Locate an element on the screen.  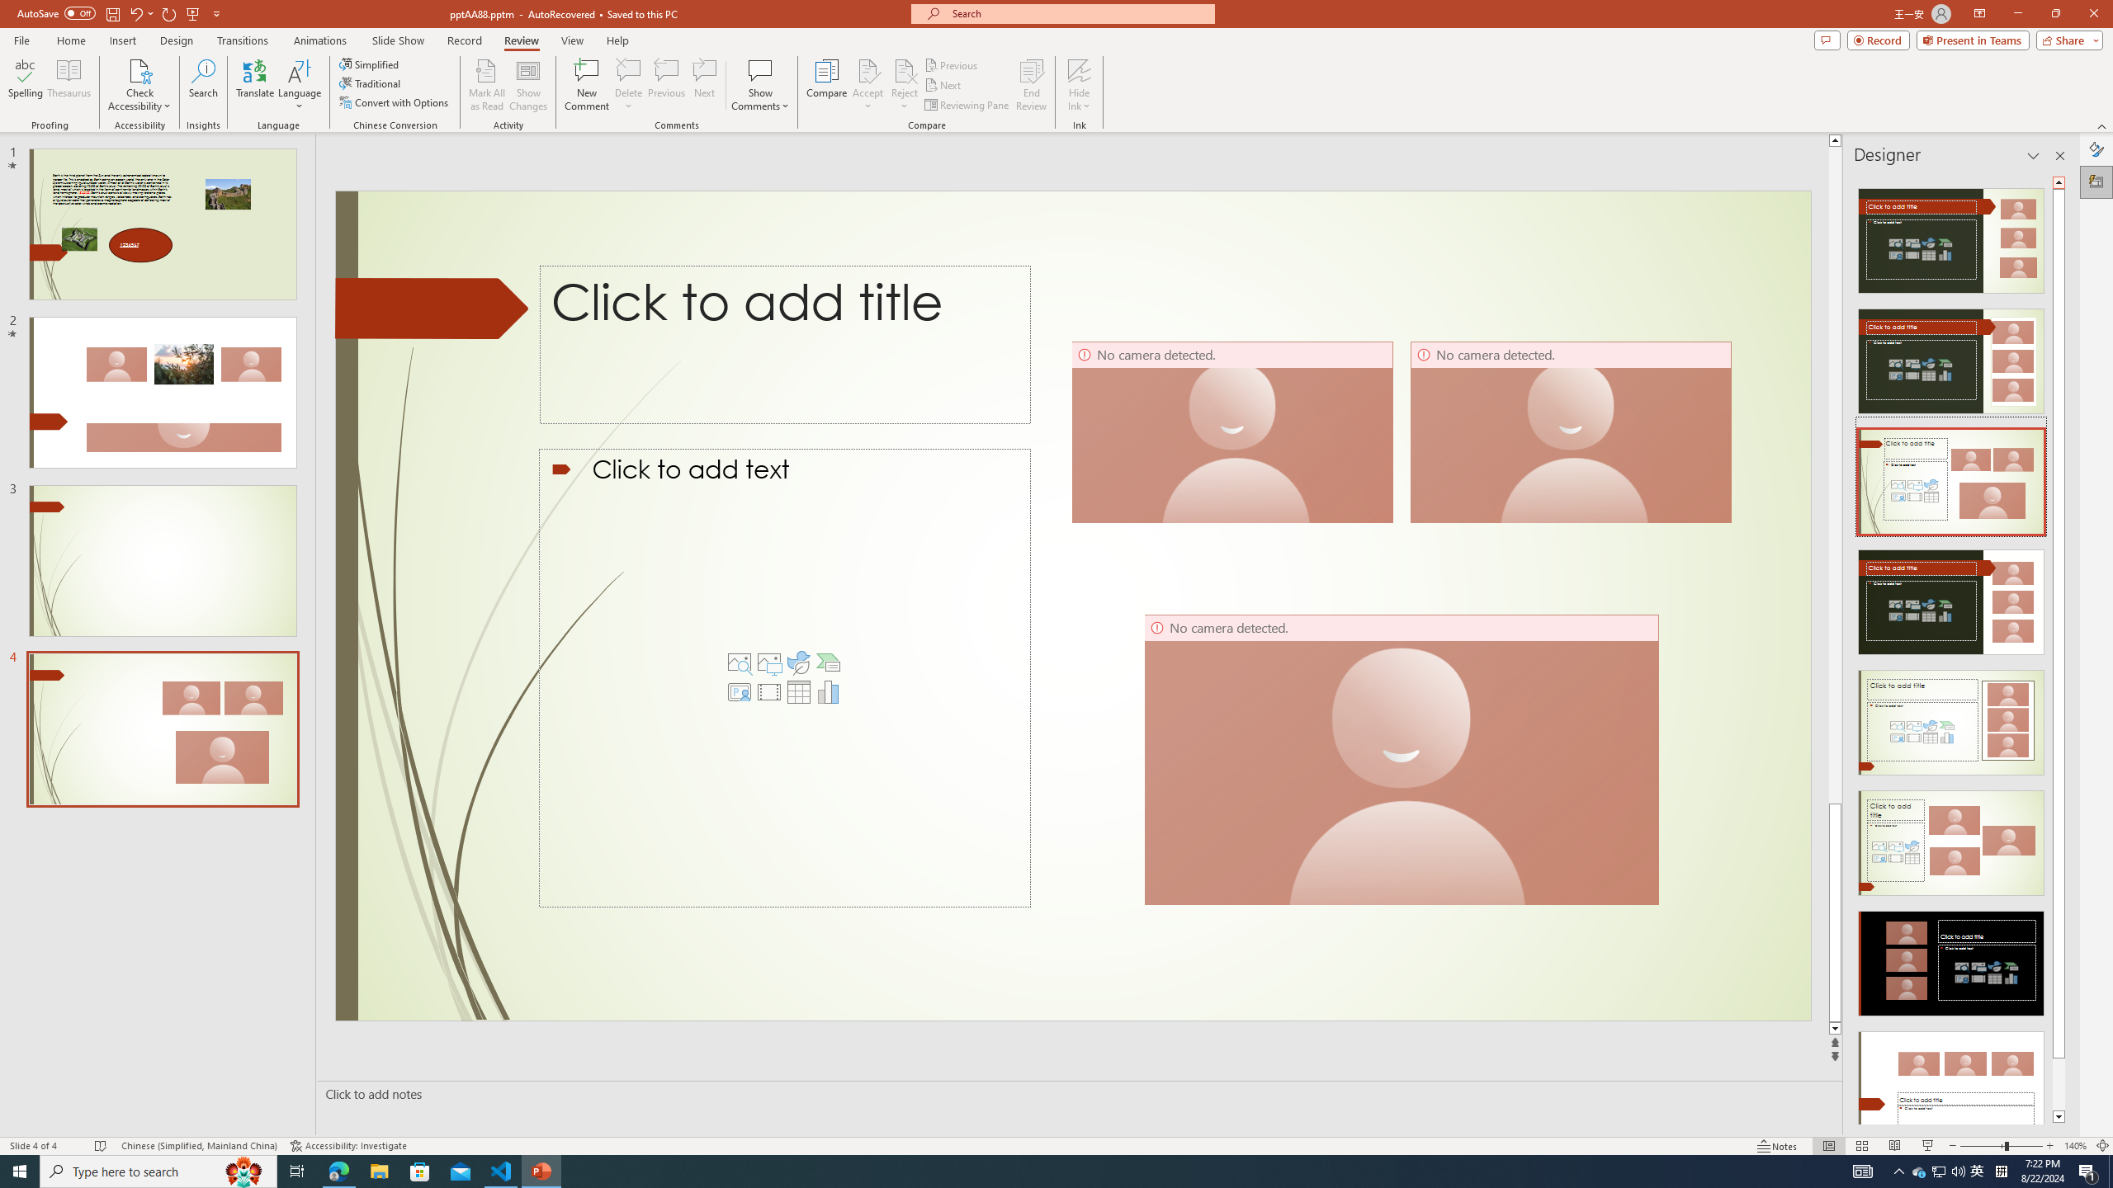
'Mark All as Read' is located at coordinates (487, 85).